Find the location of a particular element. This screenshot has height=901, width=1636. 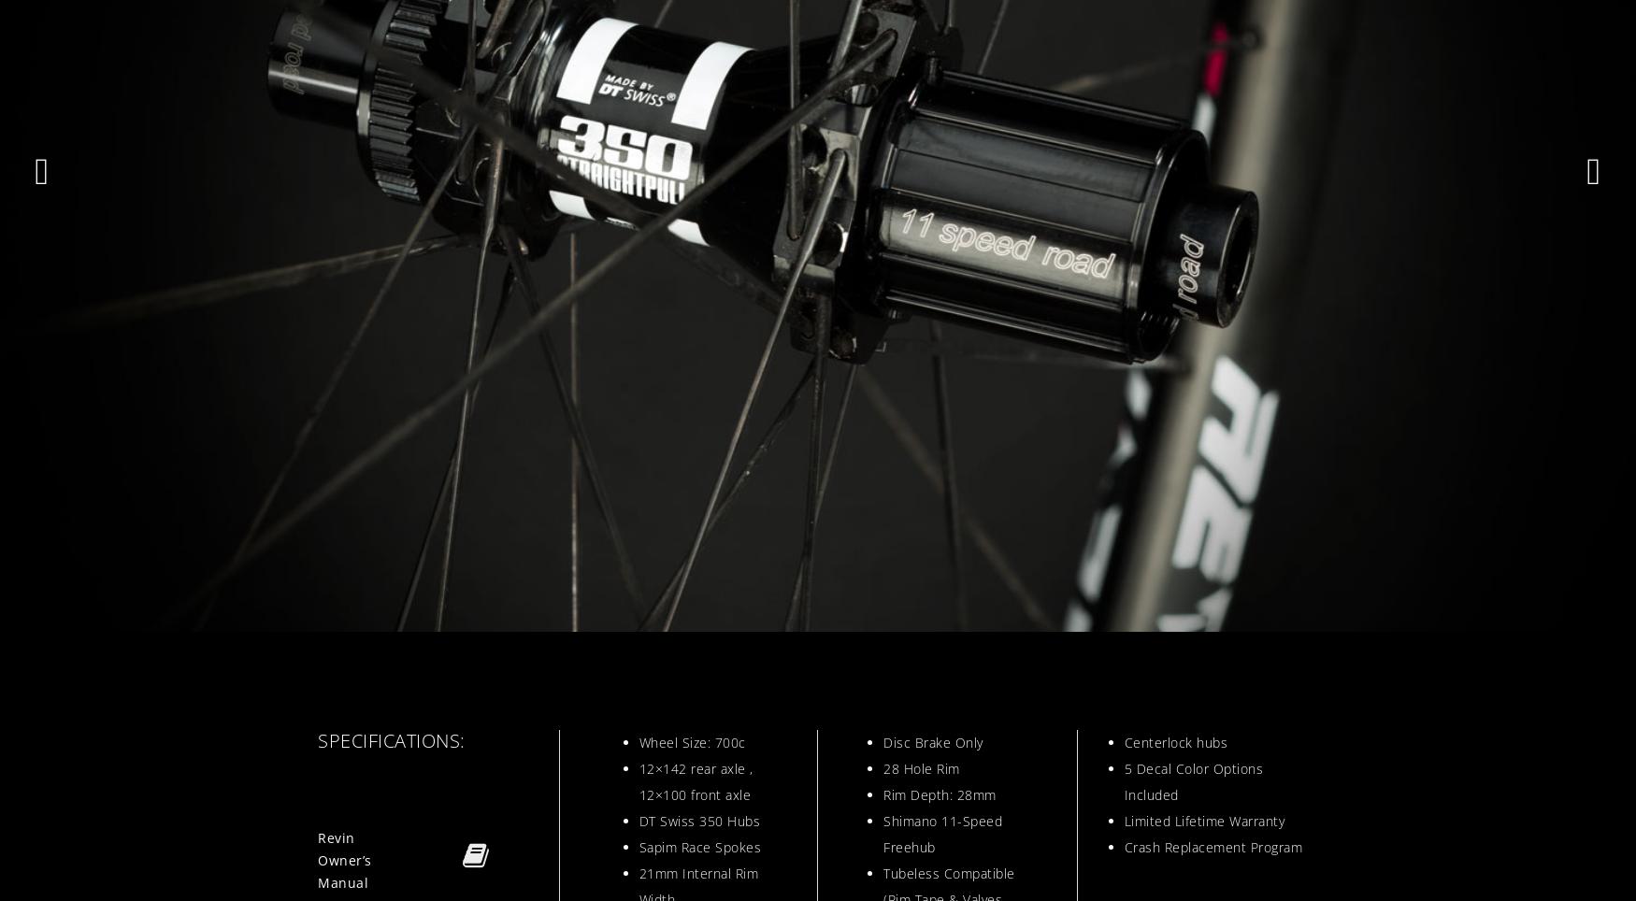

'Crash Replacement Program' is located at coordinates (1124, 846).